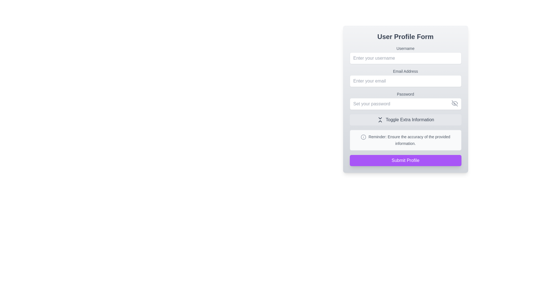 Image resolution: width=536 pixels, height=301 pixels. What do you see at coordinates (380, 119) in the screenshot?
I see `the 'Toggle Extra Information' button` at bounding box center [380, 119].